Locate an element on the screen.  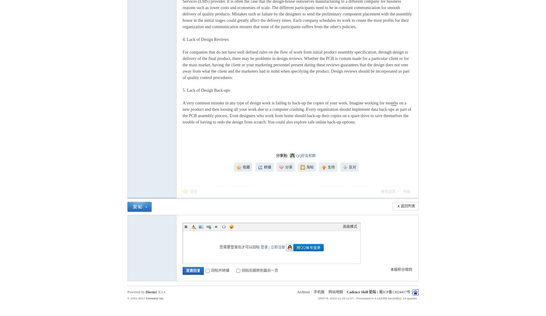
'5. Lack of Design Back-ups' is located at coordinates (182, 90).